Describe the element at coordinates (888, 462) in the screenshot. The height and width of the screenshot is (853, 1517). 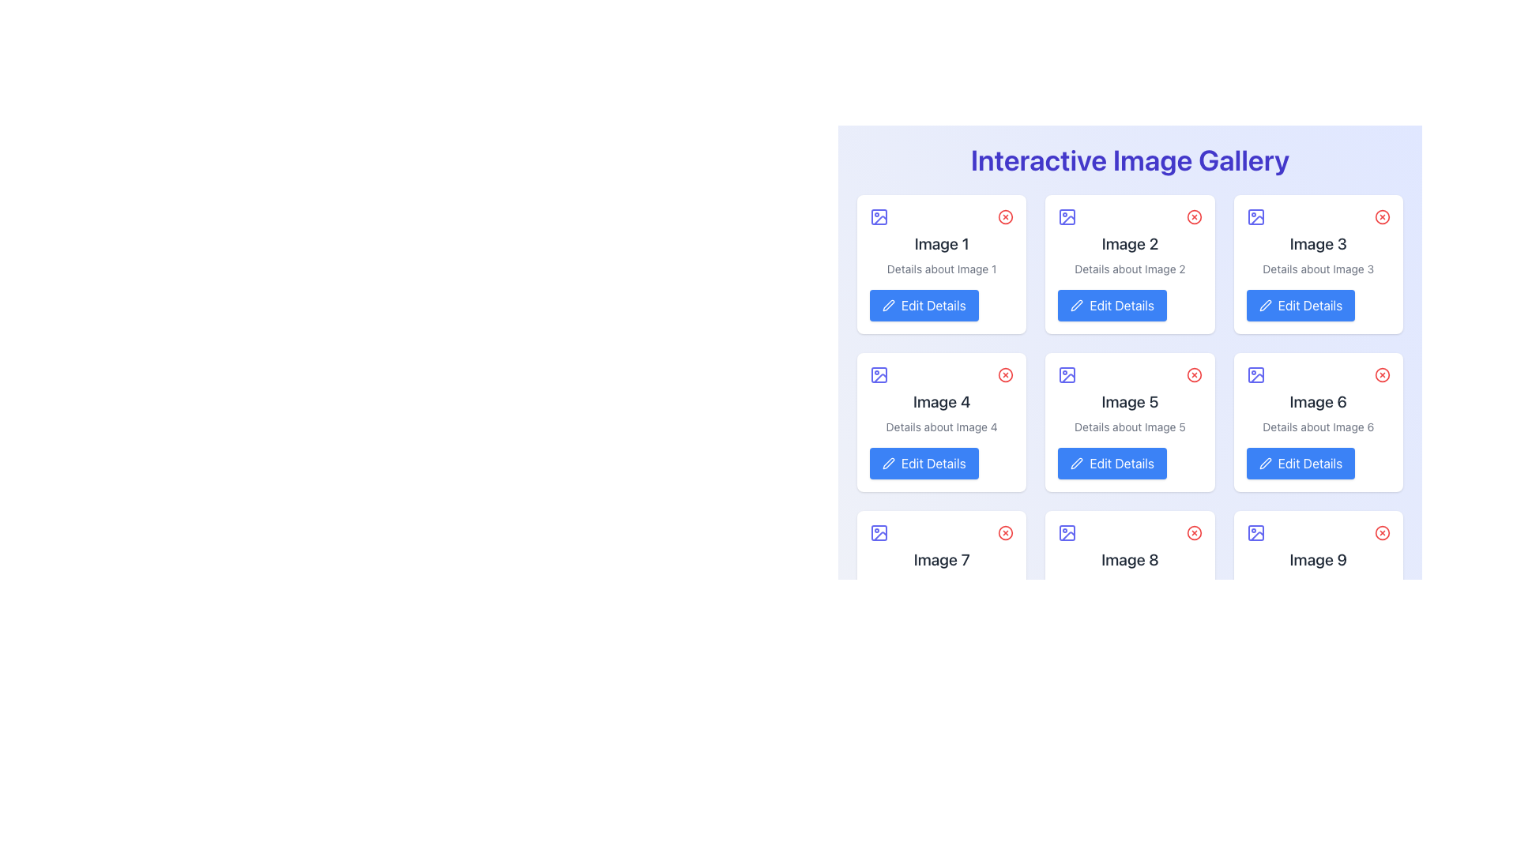
I see `the icon located inside the 'Edit Details' button associated with 'Image 4' in the second row, first column of the grid layout, positioned to the left of the text label` at that location.